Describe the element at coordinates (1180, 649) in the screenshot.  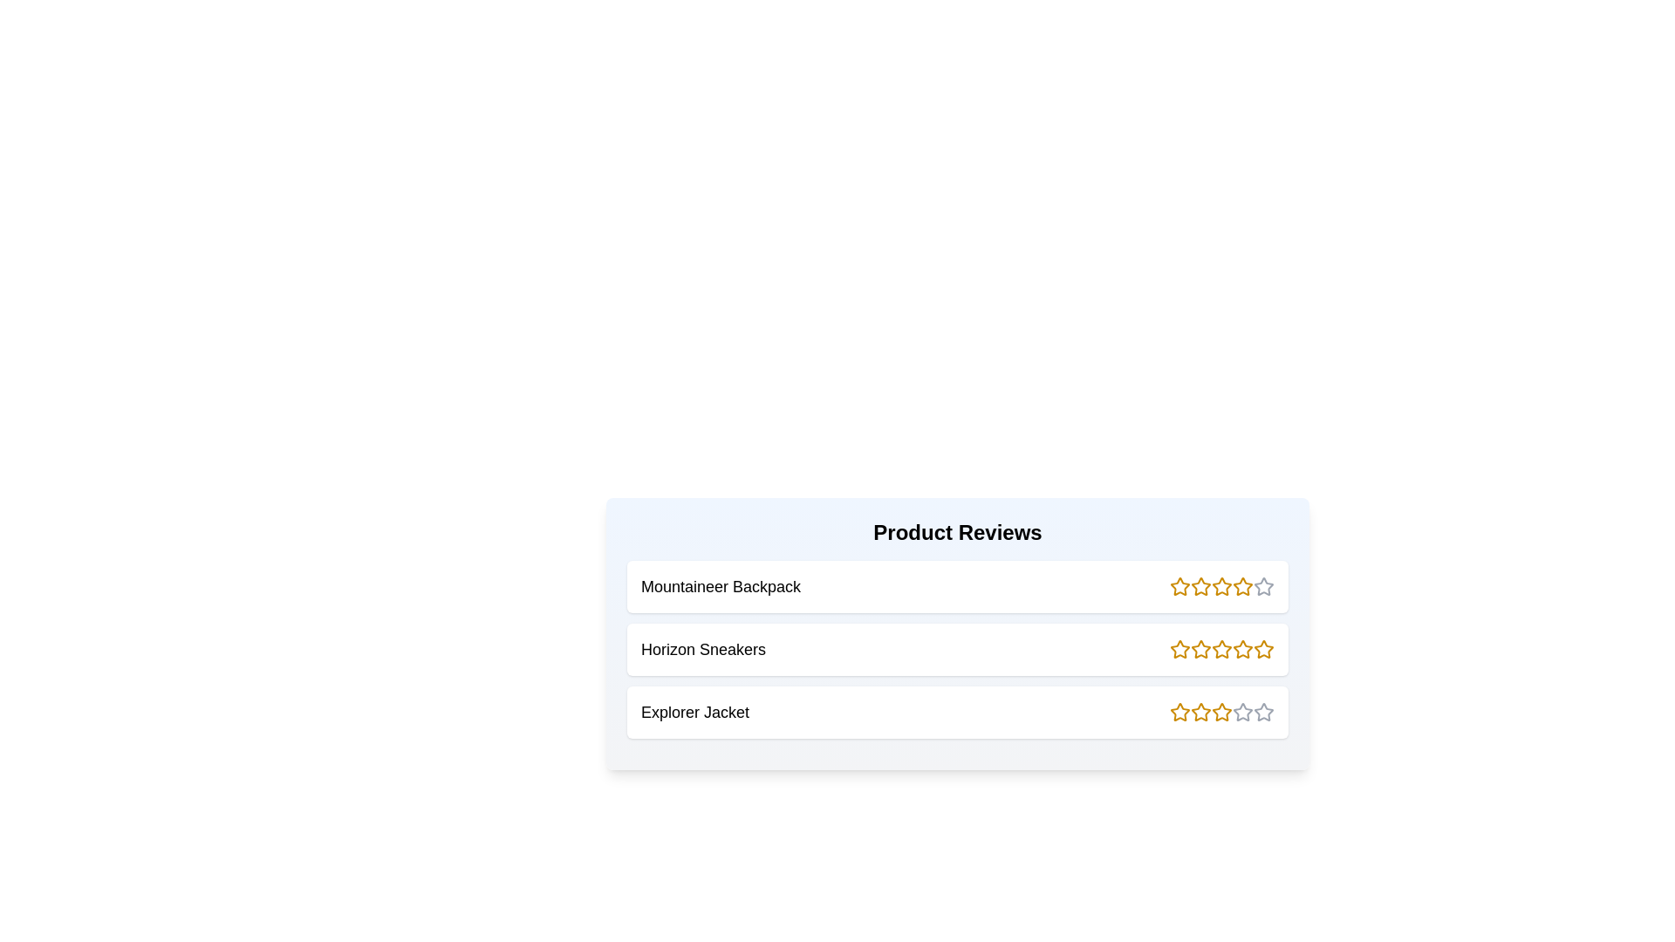
I see `the rating of a product to 1 stars by clicking the corresponding star icon for the product Horizon Sneakers` at that location.